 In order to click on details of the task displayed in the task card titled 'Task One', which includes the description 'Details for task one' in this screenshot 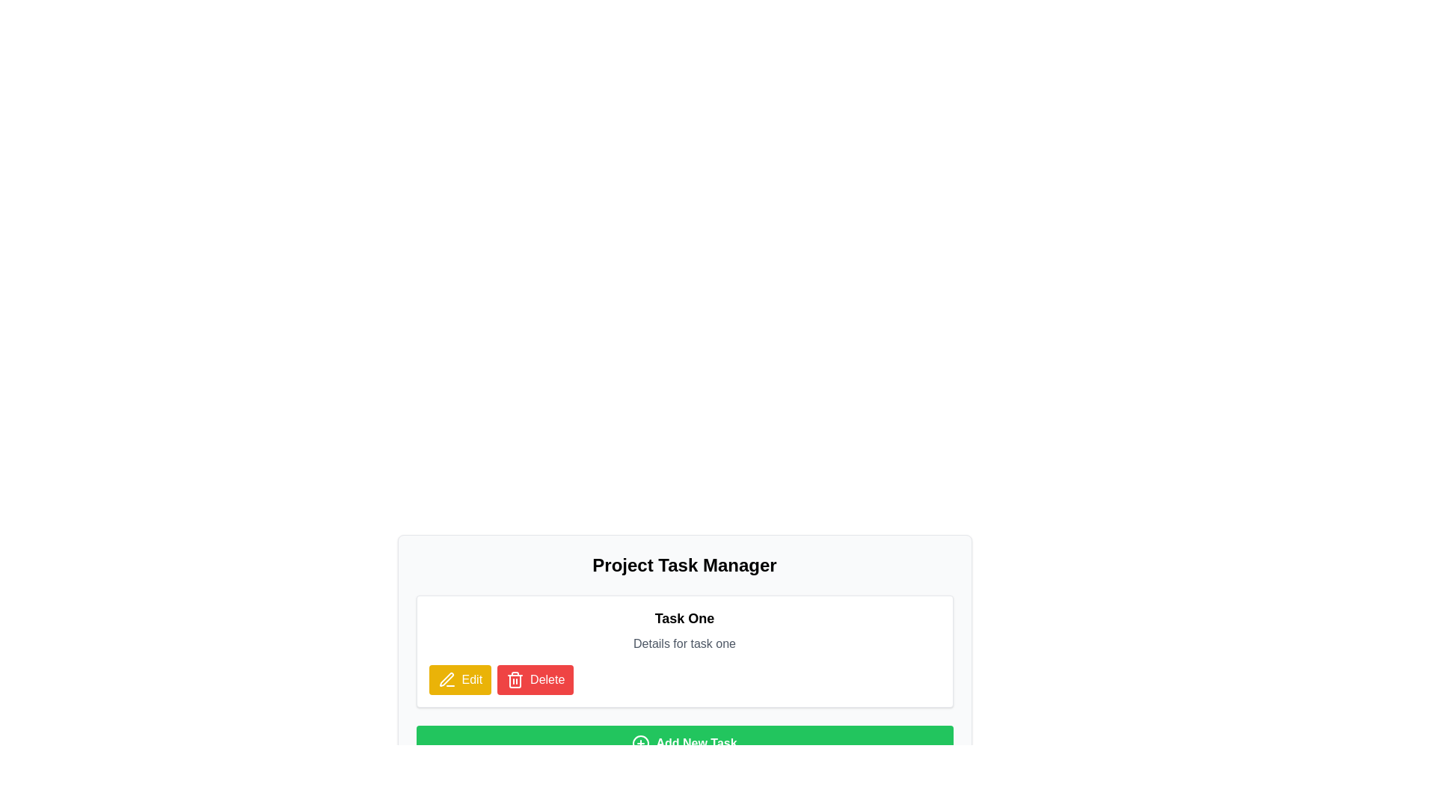, I will do `click(684, 651)`.